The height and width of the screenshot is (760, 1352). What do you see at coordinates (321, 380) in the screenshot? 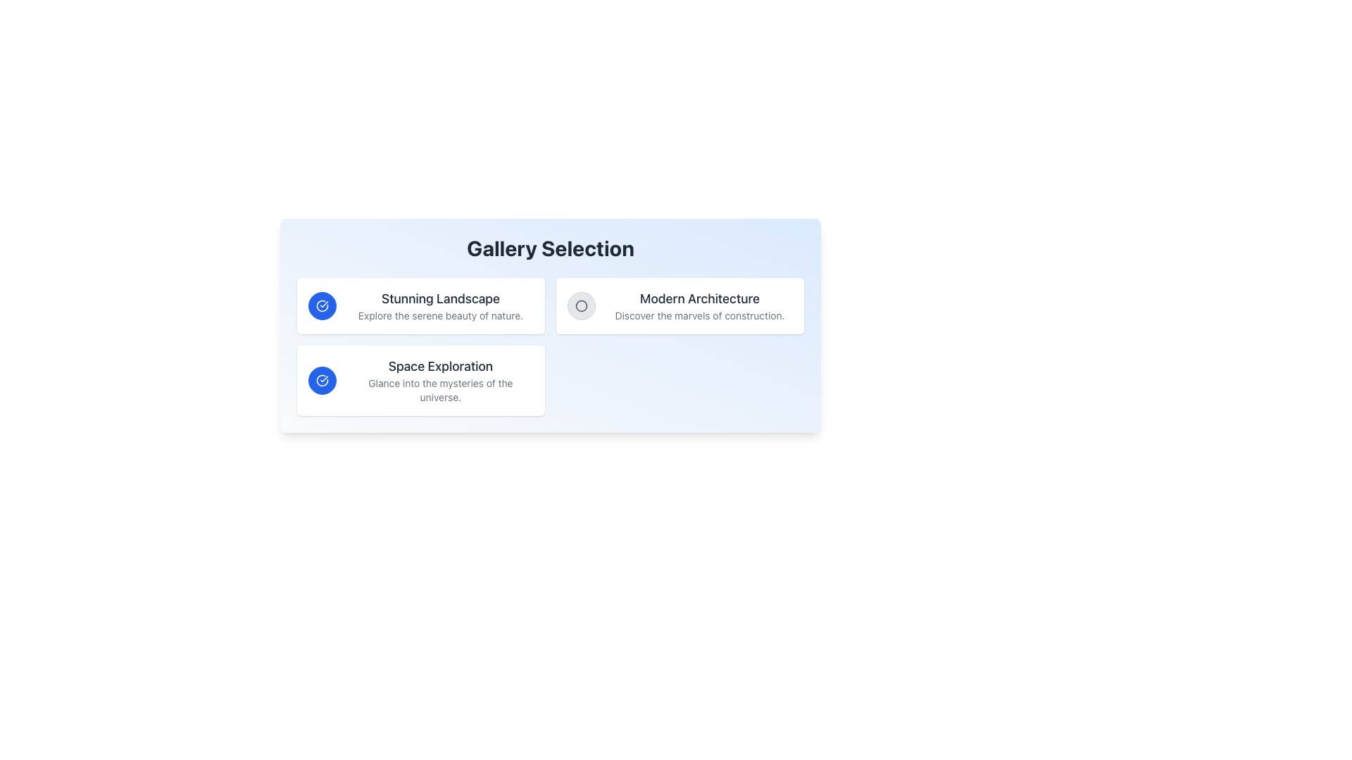
I see `the Shape component of the SVG graphic located in the left section of the 'Stunning Landscape' gallery selection area` at bounding box center [321, 380].